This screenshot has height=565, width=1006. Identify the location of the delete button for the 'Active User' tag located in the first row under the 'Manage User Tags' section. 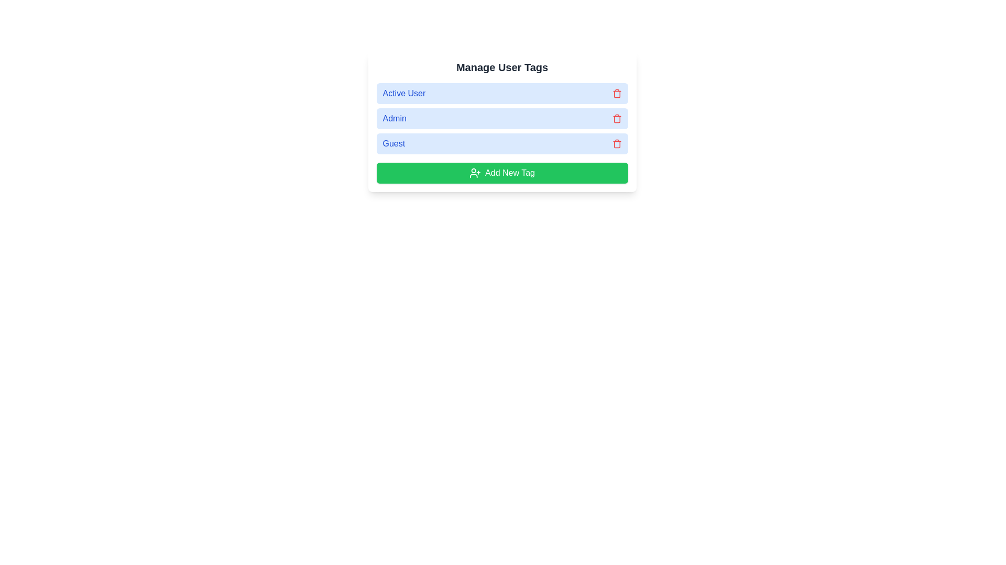
(617, 93).